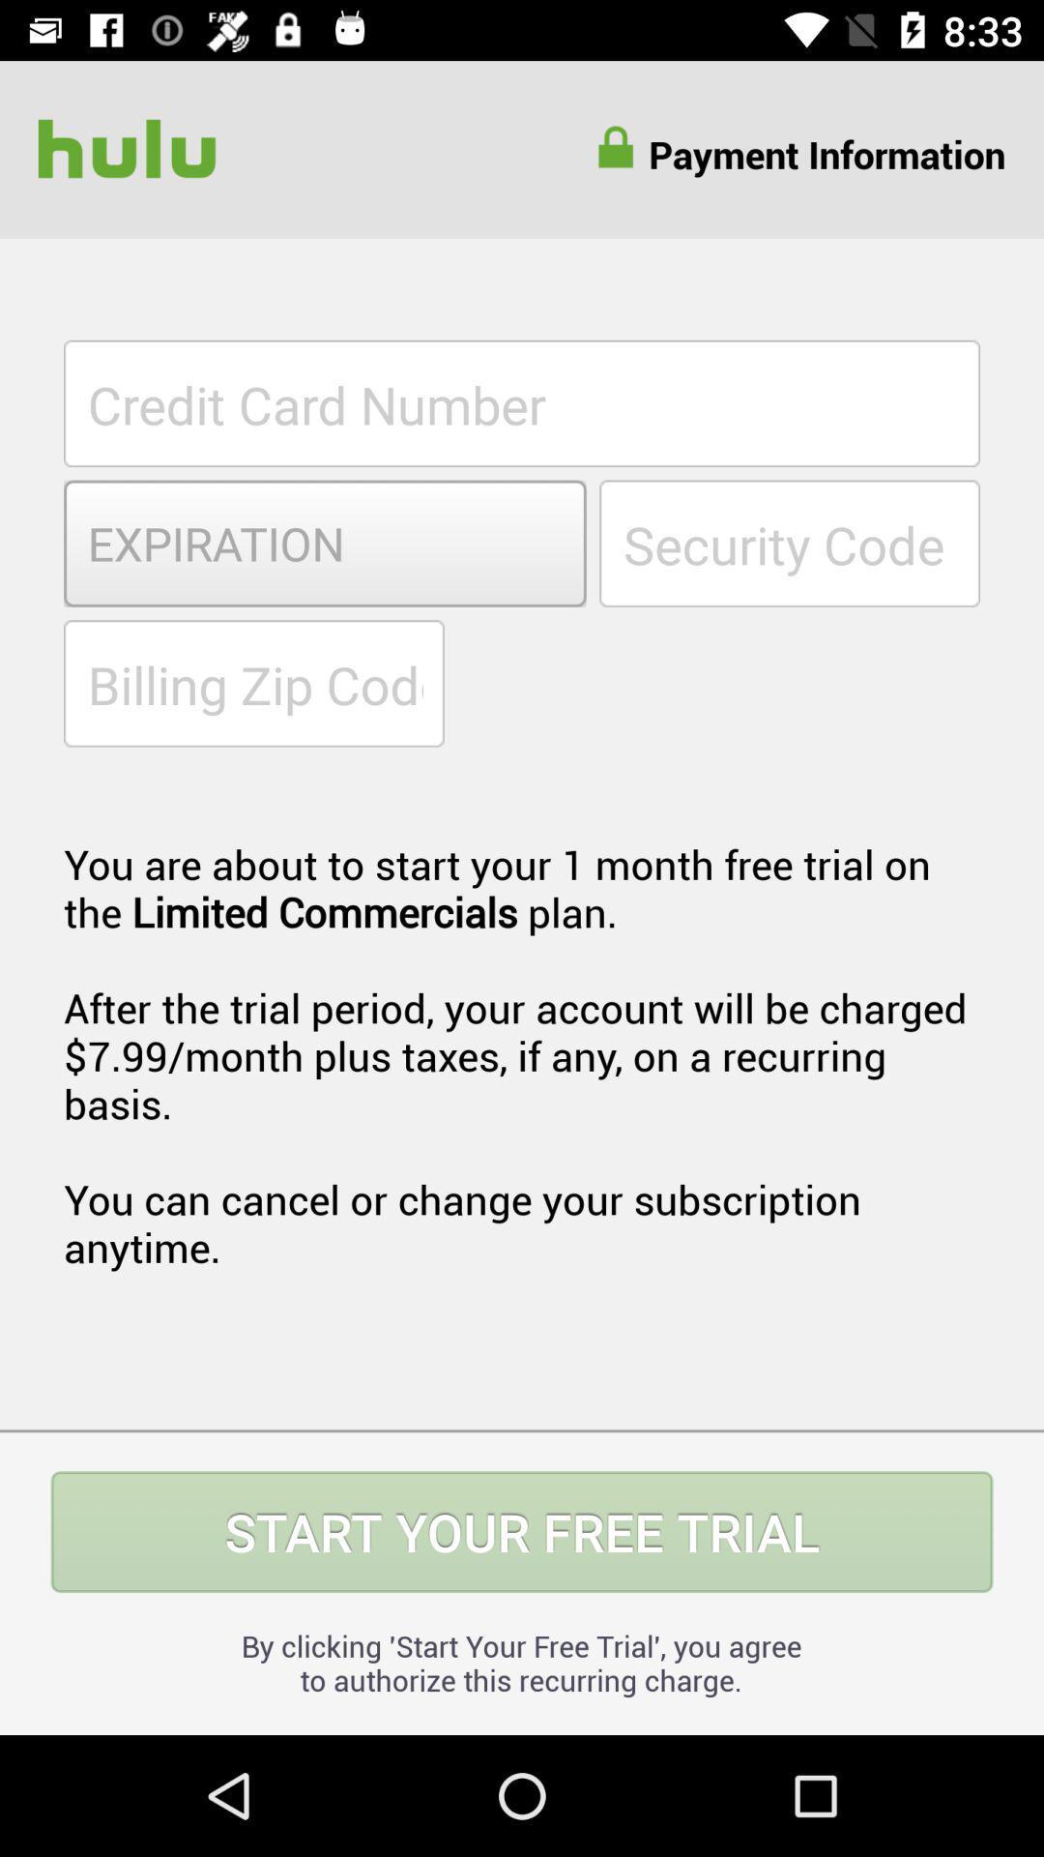 The height and width of the screenshot is (1857, 1044). What do you see at coordinates (790, 543) in the screenshot?
I see `button to enter your security code` at bounding box center [790, 543].